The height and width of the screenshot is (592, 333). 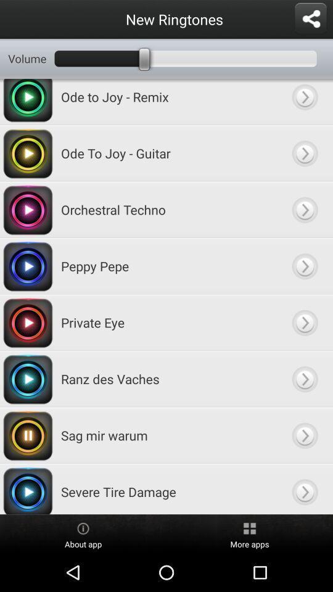 I want to click on expand item menu, so click(x=304, y=266).